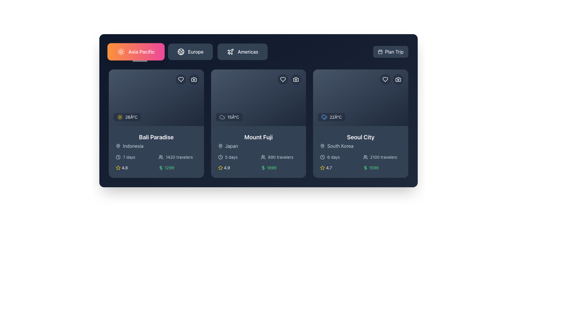 This screenshot has height=318, width=566. Describe the element at coordinates (296, 79) in the screenshot. I see `the camera icon button located in the top-right region of the 'Mount Fuji' card` at that location.